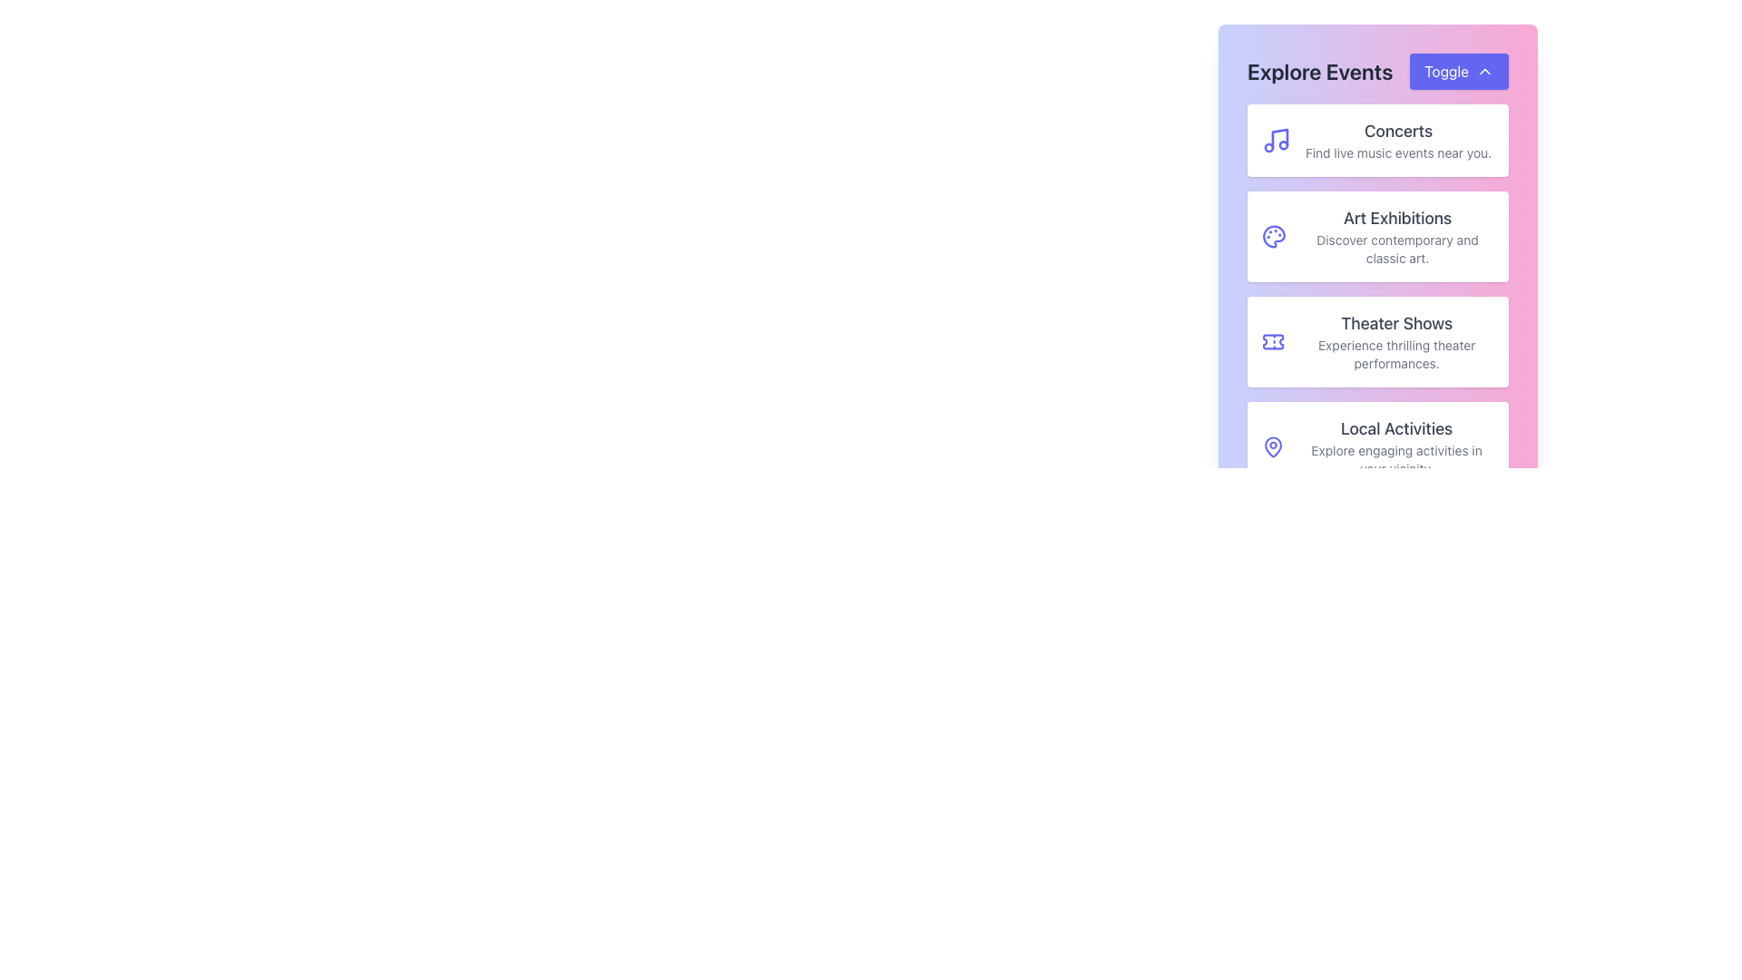 This screenshot has width=1742, height=980. I want to click on the List item displaying 'Art Exhibitions' with an indigo art palette icon, so click(1377, 236).